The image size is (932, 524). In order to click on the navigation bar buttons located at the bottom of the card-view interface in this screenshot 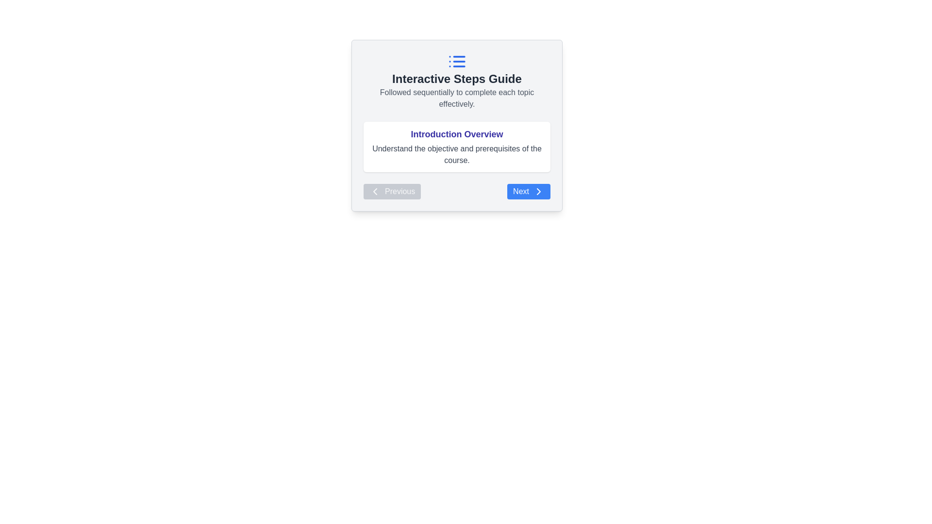, I will do `click(456, 191)`.